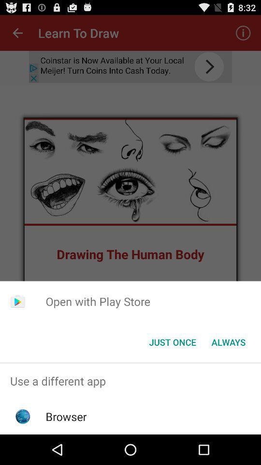 The width and height of the screenshot is (261, 465). Describe the element at coordinates (66, 416) in the screenshot. I see `the app below use a different icon` at that location.